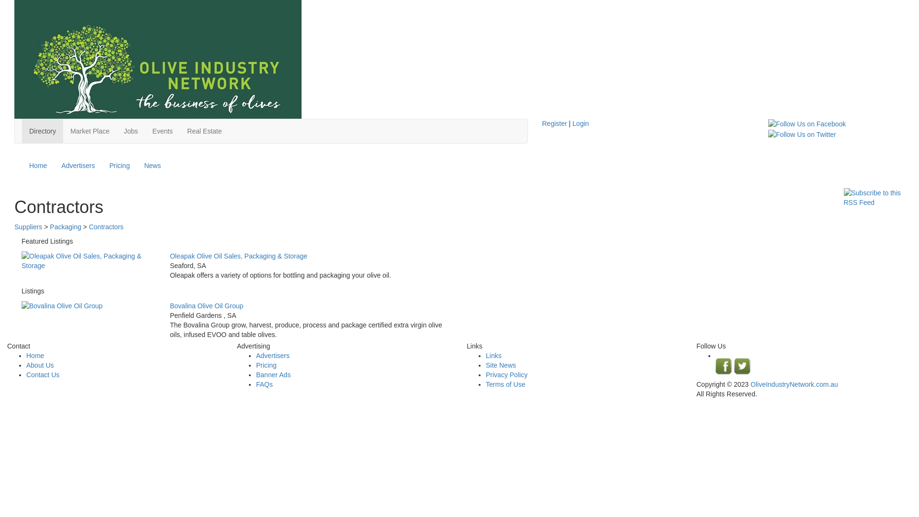  What do you see at coordinates (500, 365) in the screenshot?
I see `'Site News'` at bounding box center [500, 365].